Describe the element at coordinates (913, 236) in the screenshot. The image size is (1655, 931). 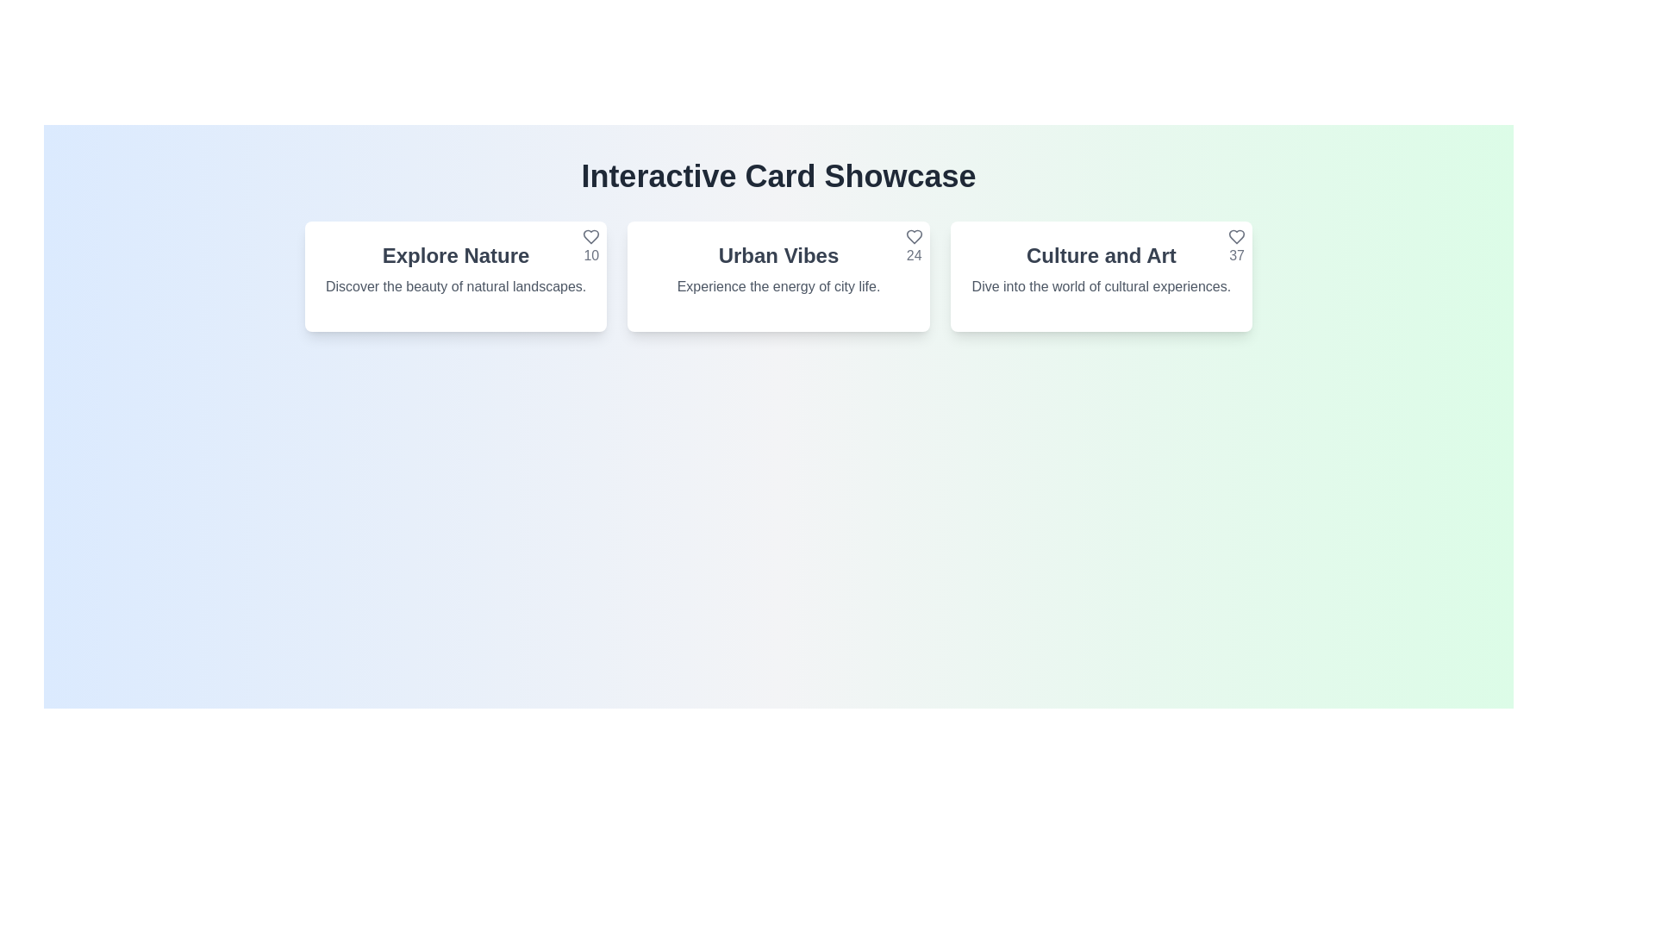
I see `the heart icon outlined in the top-right corner of the 'Urban Vibes' card` at that location.